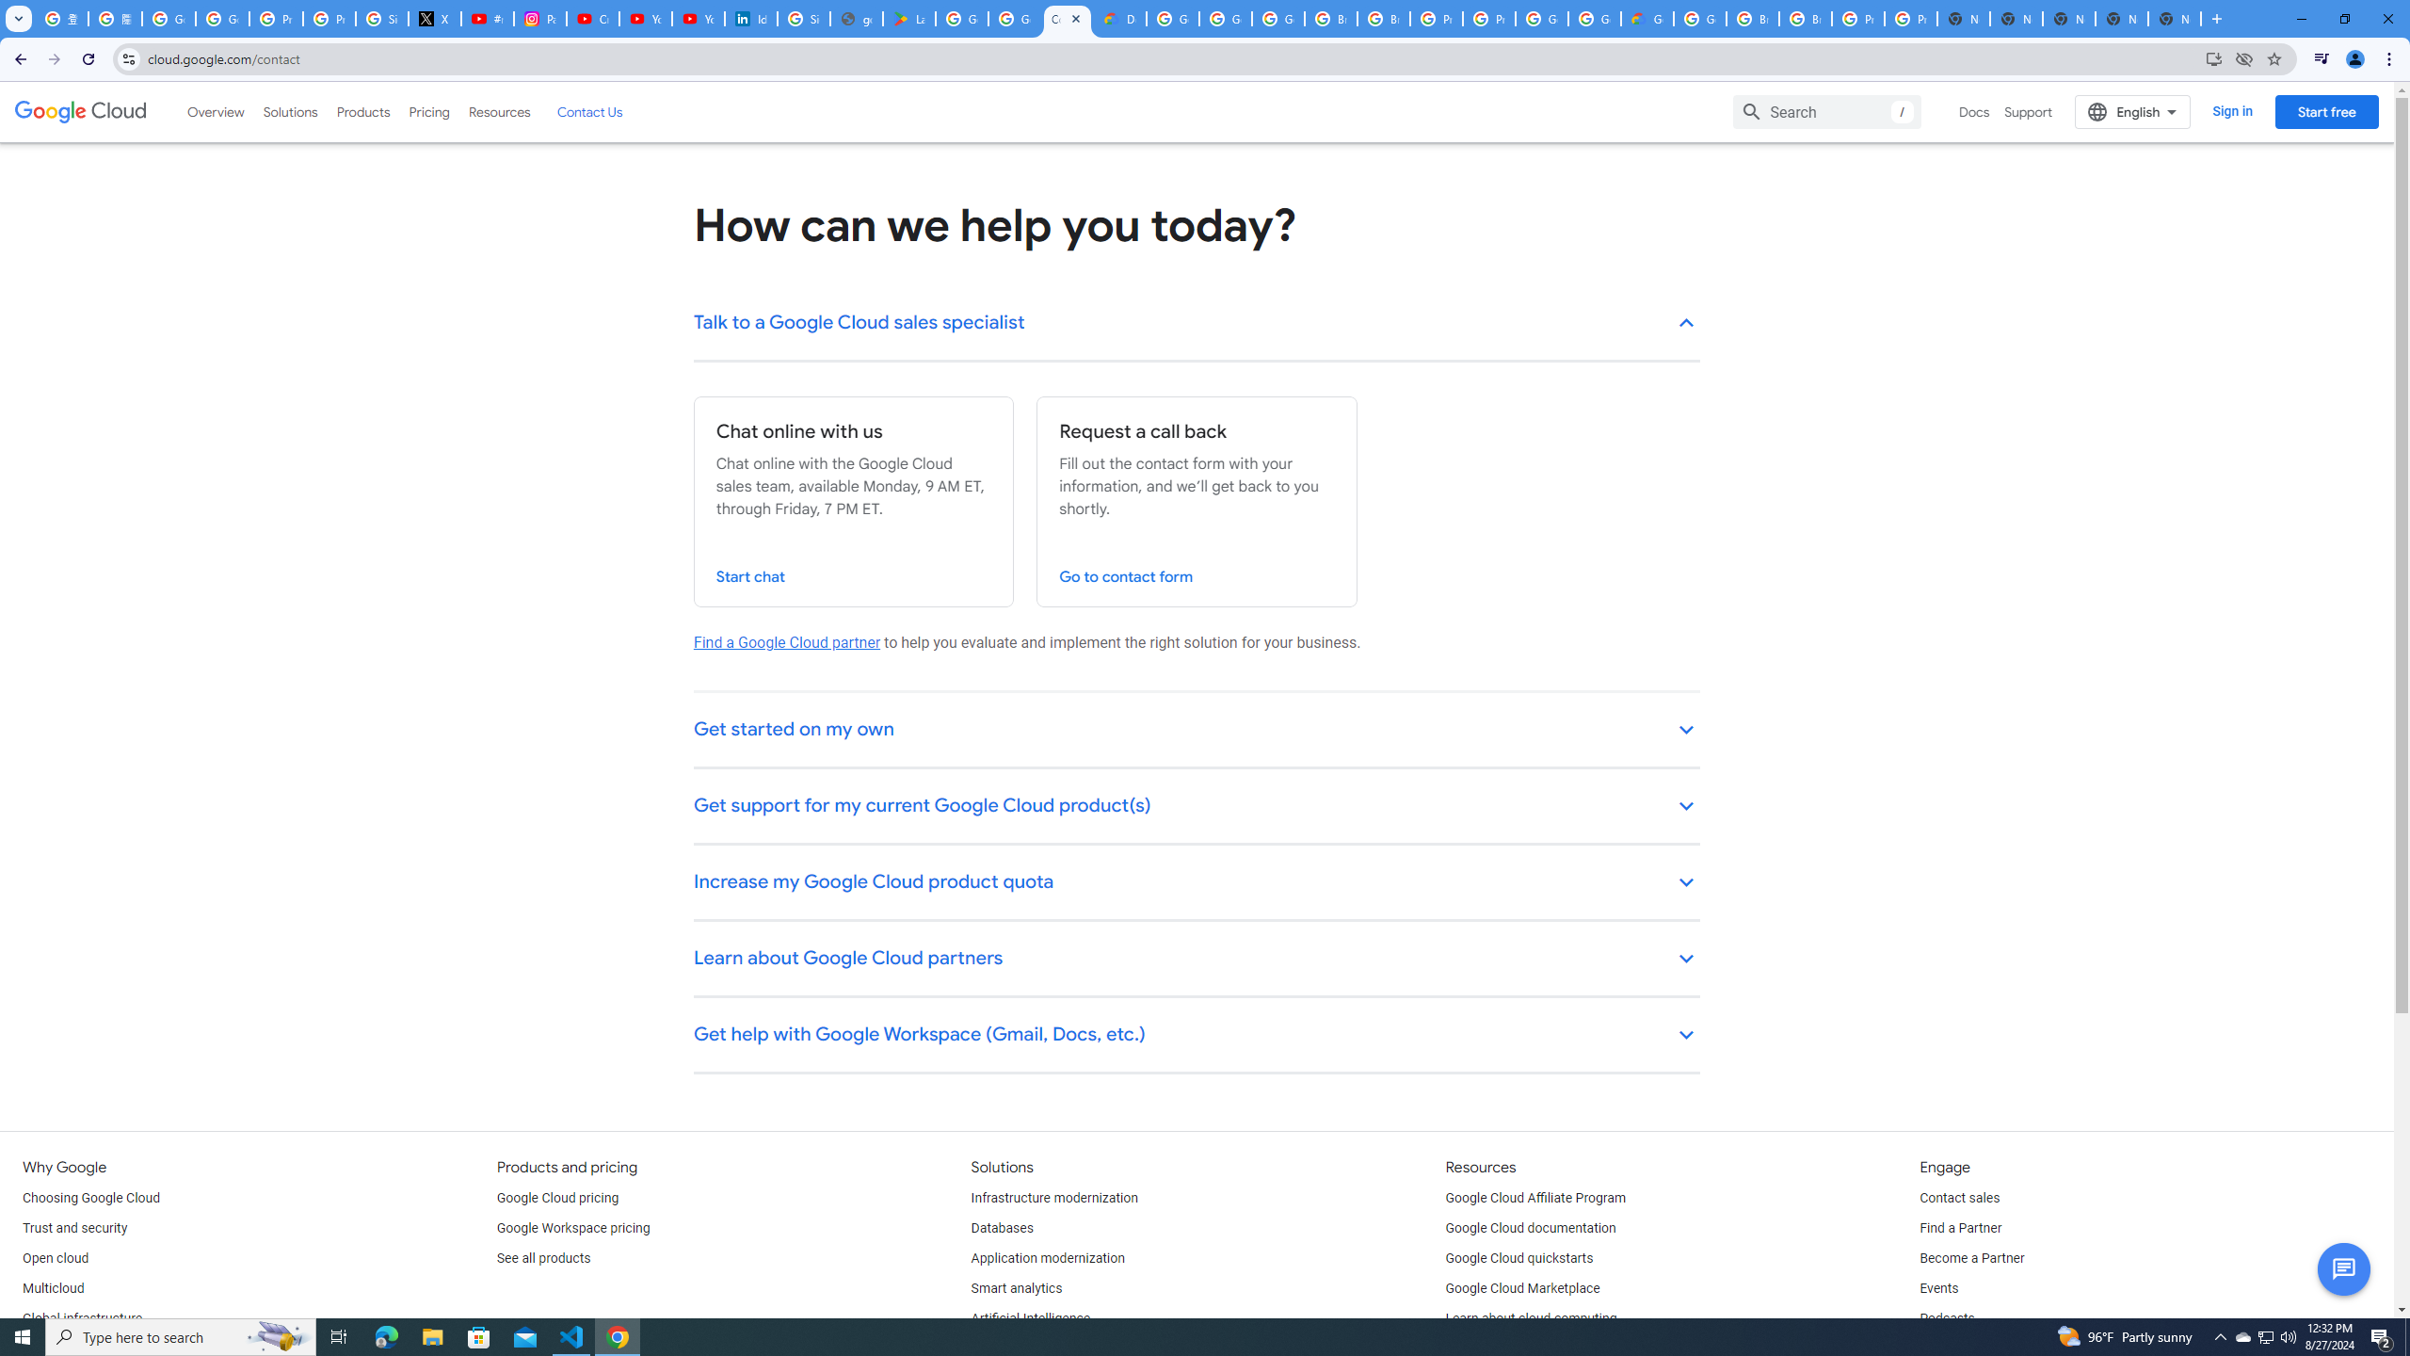  What do you see at coordinates (2213, 57) in the screenshot?
I see `'Install Google Cloud'` at bounding box center [2213, 57].